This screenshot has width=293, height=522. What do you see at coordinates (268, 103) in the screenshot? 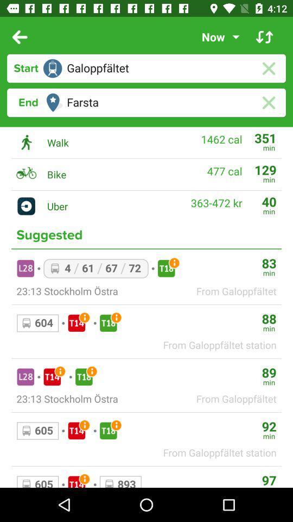
I see `delete route` at bounding box center [268, 103].